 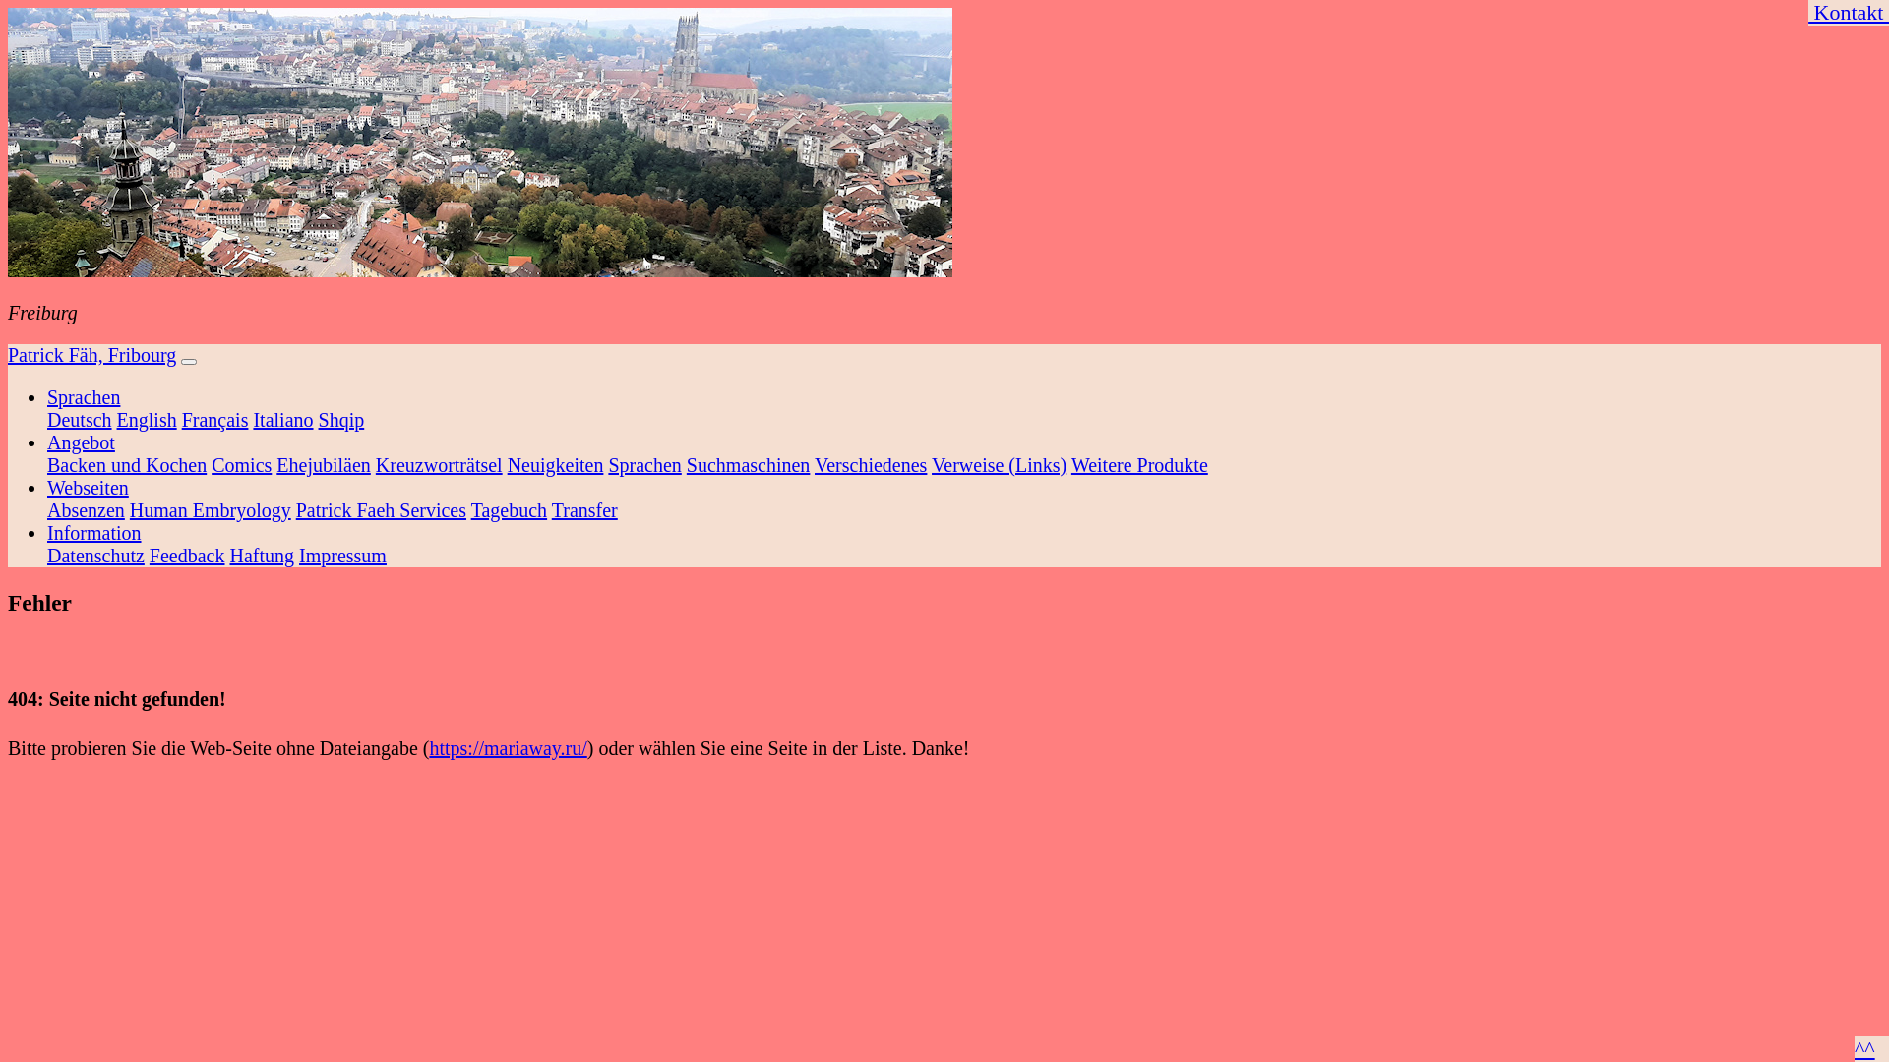 What do you see at coordinates (381, 509) in the screenshot?
I see `'Patrick Faeh Services'` at bounding box center [381, 509].